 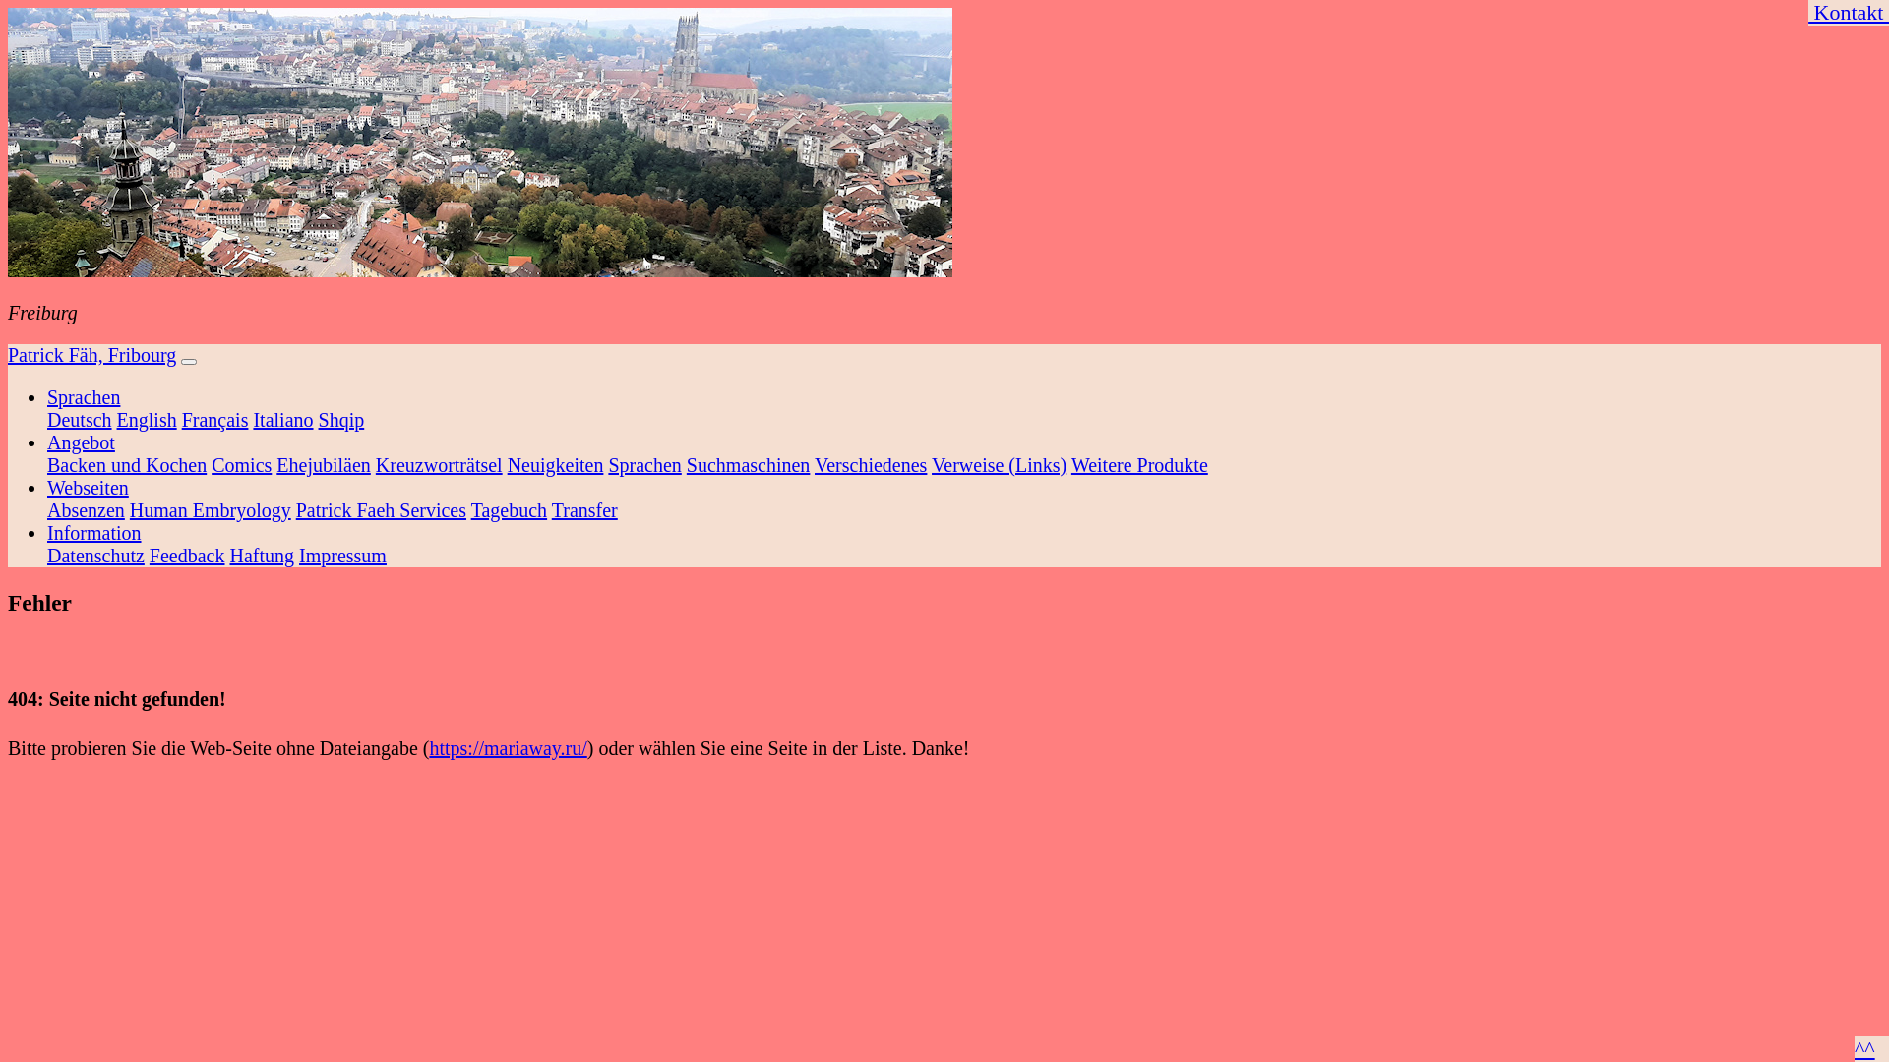 What do you see at coordinates (381, 509) in the screenshot?
I see `'Patrick Faeh Services'` at bounding box center [381, 509].